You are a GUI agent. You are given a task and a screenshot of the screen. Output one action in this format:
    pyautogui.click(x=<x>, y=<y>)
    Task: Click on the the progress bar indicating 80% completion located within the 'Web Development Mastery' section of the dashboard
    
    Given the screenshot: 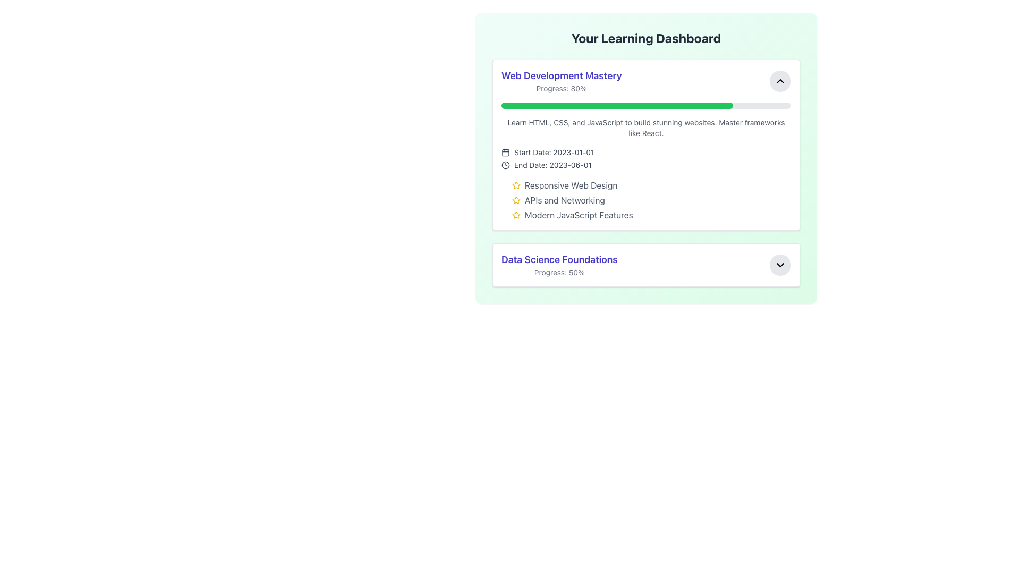 What is the action you would take?
    pyautogui.click(x=617, y=106)
    